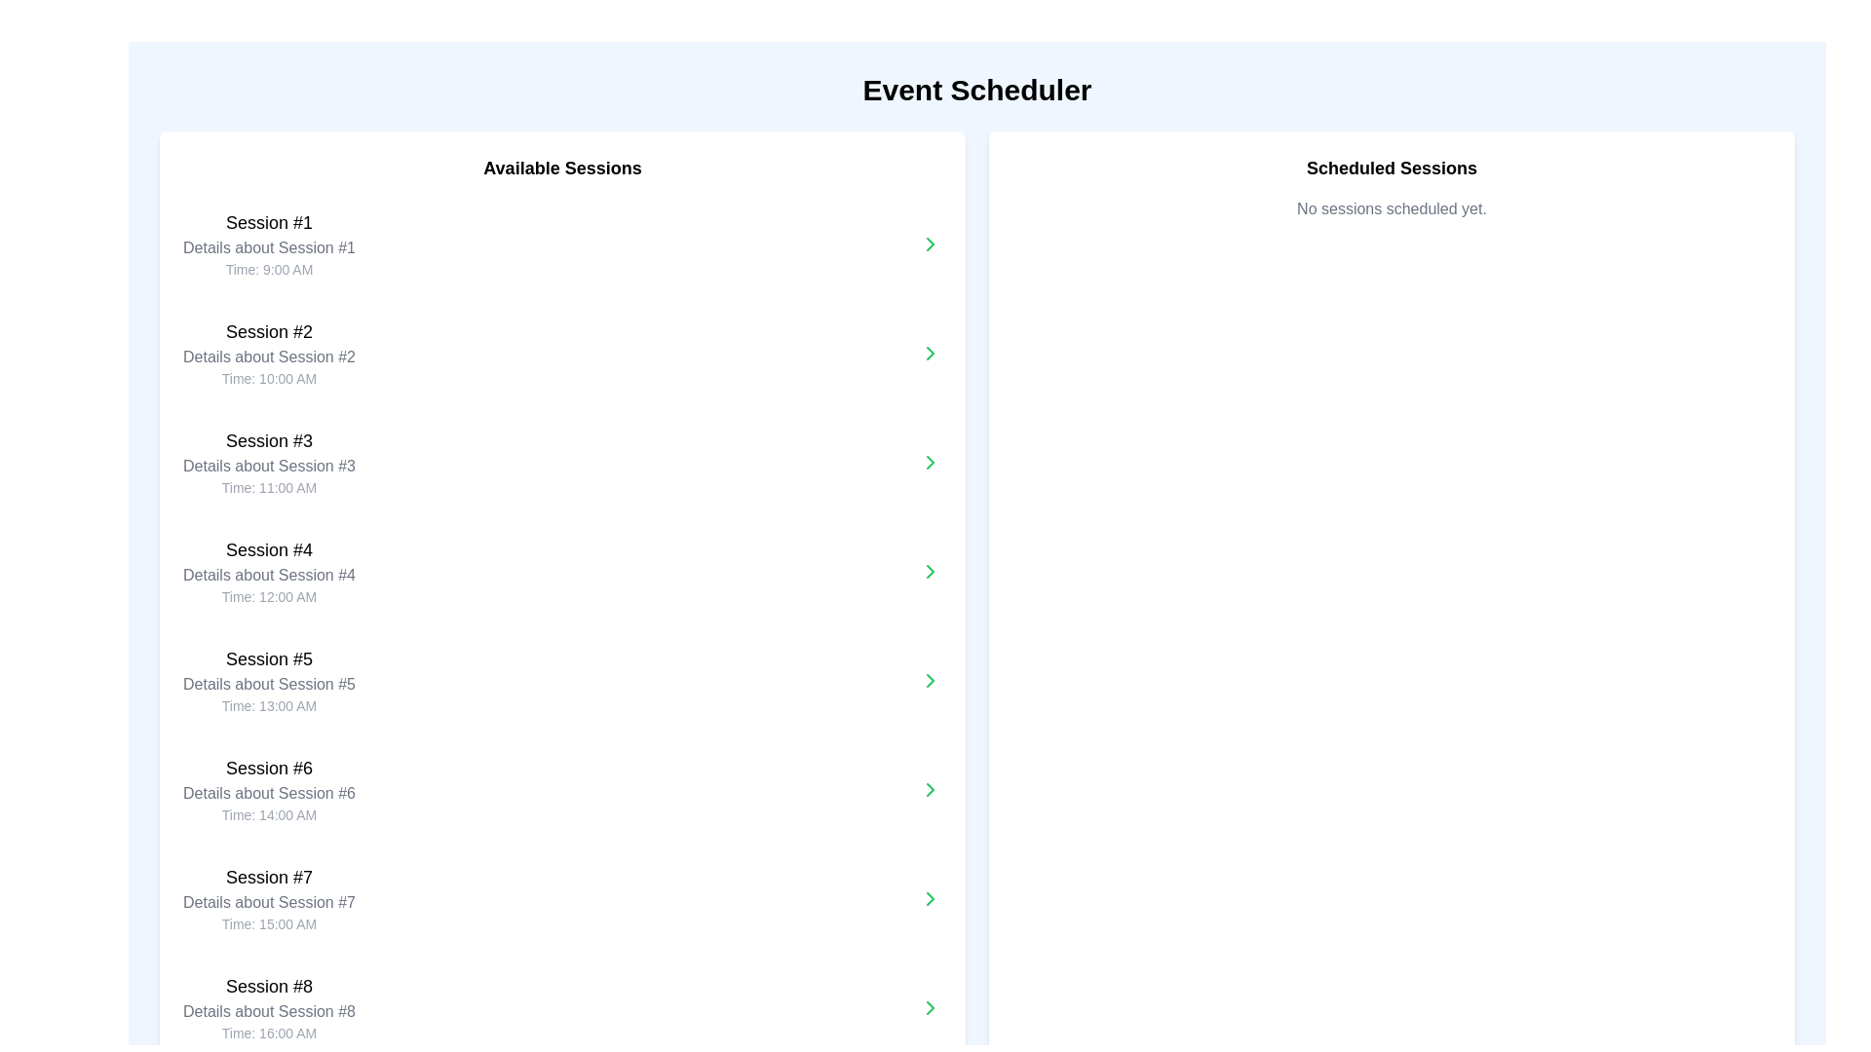 This screenshot has height=1052, width=1871. I want to click on the List item containing session details positioned in the 'Available Sessions' column, between sessions #5 and #7, so click(268, 789).